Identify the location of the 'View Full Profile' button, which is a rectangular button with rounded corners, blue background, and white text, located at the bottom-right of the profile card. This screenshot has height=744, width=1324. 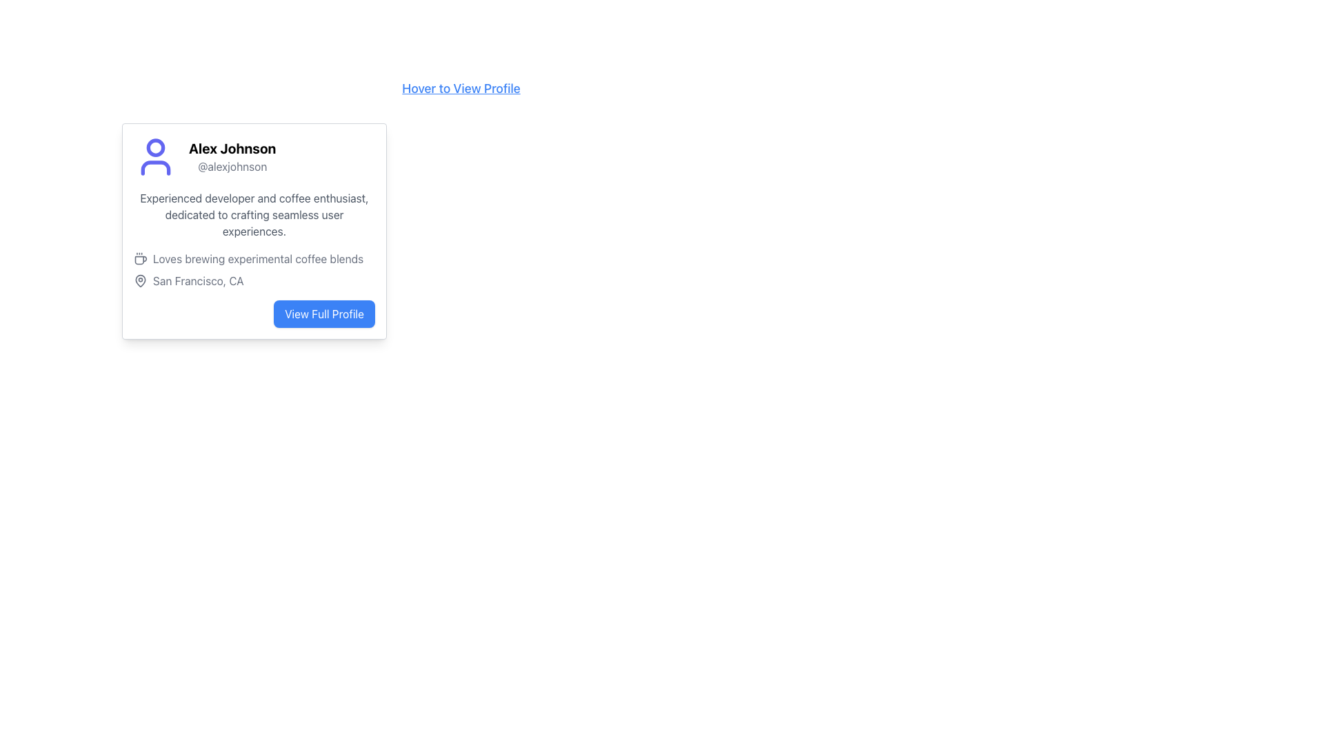
(323, 313).